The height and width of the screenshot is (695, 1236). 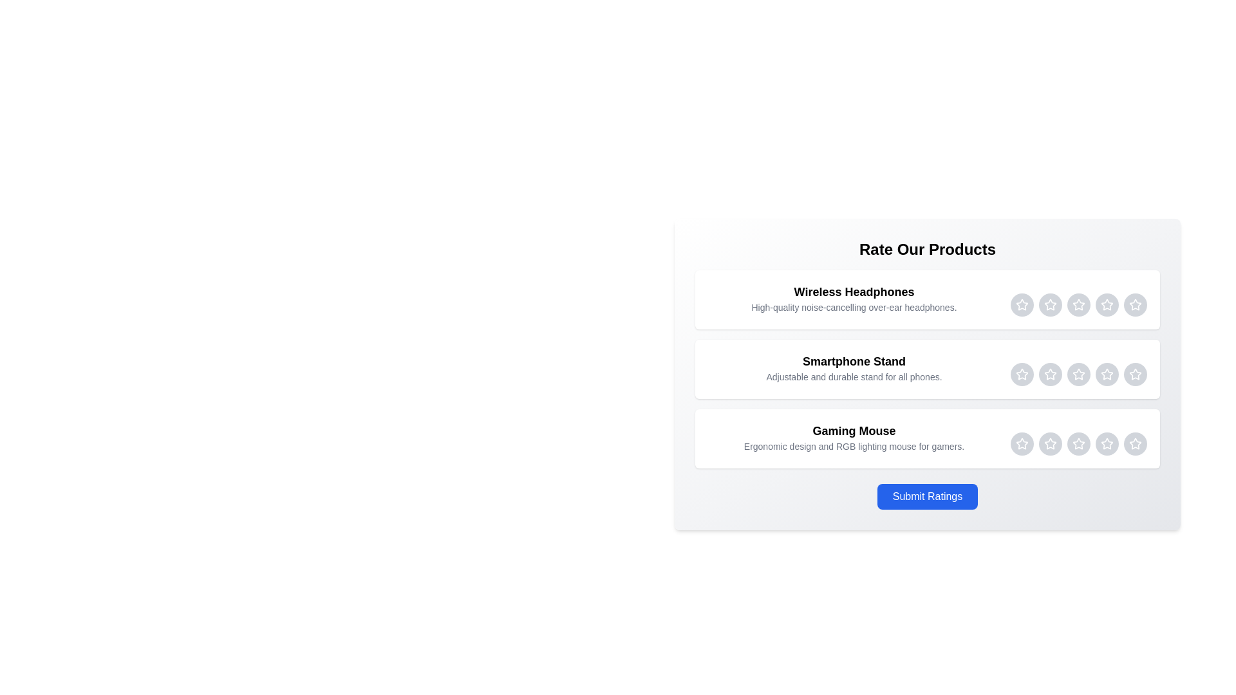 What do you see at coordinates (1022, 443) in the screenshot?
I see `the Gaming Mouse rating star 1` at bounding box center [1022, 443].